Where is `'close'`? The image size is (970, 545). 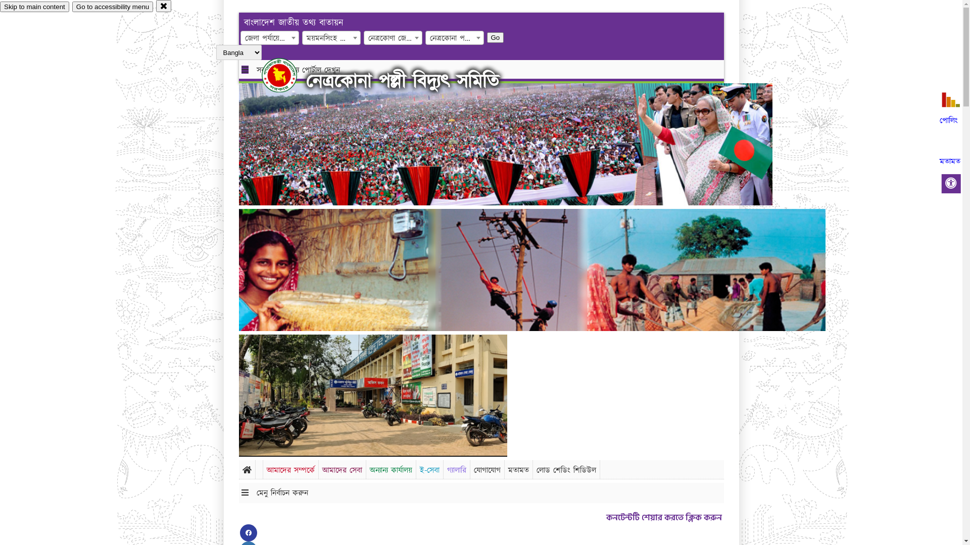
'close' is located at coordinates (164, 6).